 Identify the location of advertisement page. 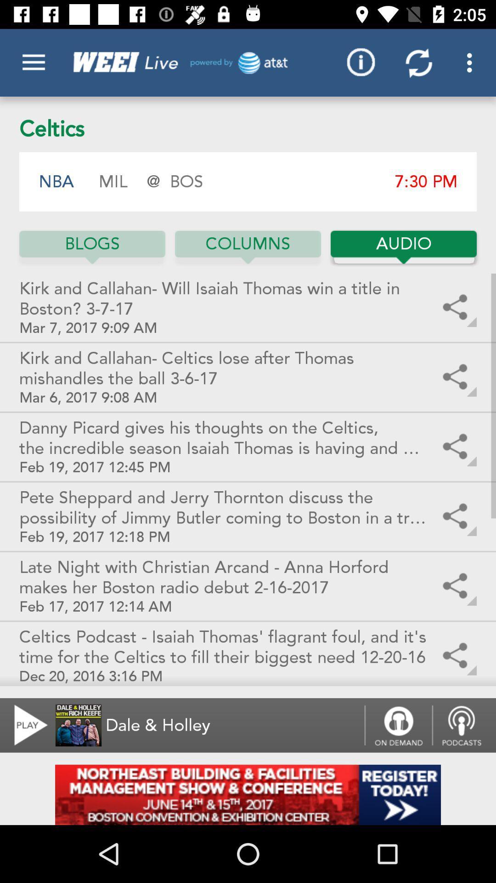
(248, 794).